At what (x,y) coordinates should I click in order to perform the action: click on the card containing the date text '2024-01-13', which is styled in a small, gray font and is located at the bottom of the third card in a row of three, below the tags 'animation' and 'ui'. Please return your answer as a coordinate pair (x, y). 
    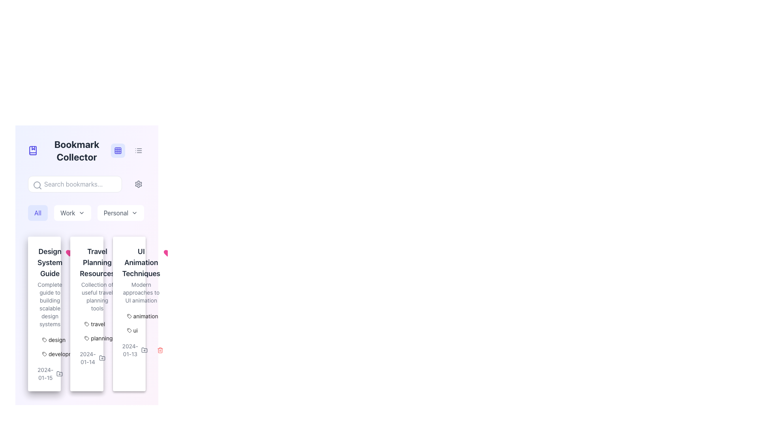
    Looking at the image, I should click on (129, 349).